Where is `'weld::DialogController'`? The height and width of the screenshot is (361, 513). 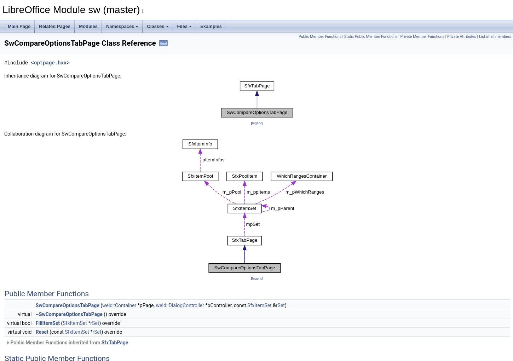 'weld::DialogController' is located at coordinates (180, 305).